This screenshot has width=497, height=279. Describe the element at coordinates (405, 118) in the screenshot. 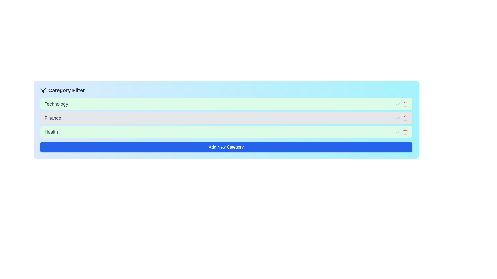

I see `the trash icon next to the category Finance to remove it` at that location.